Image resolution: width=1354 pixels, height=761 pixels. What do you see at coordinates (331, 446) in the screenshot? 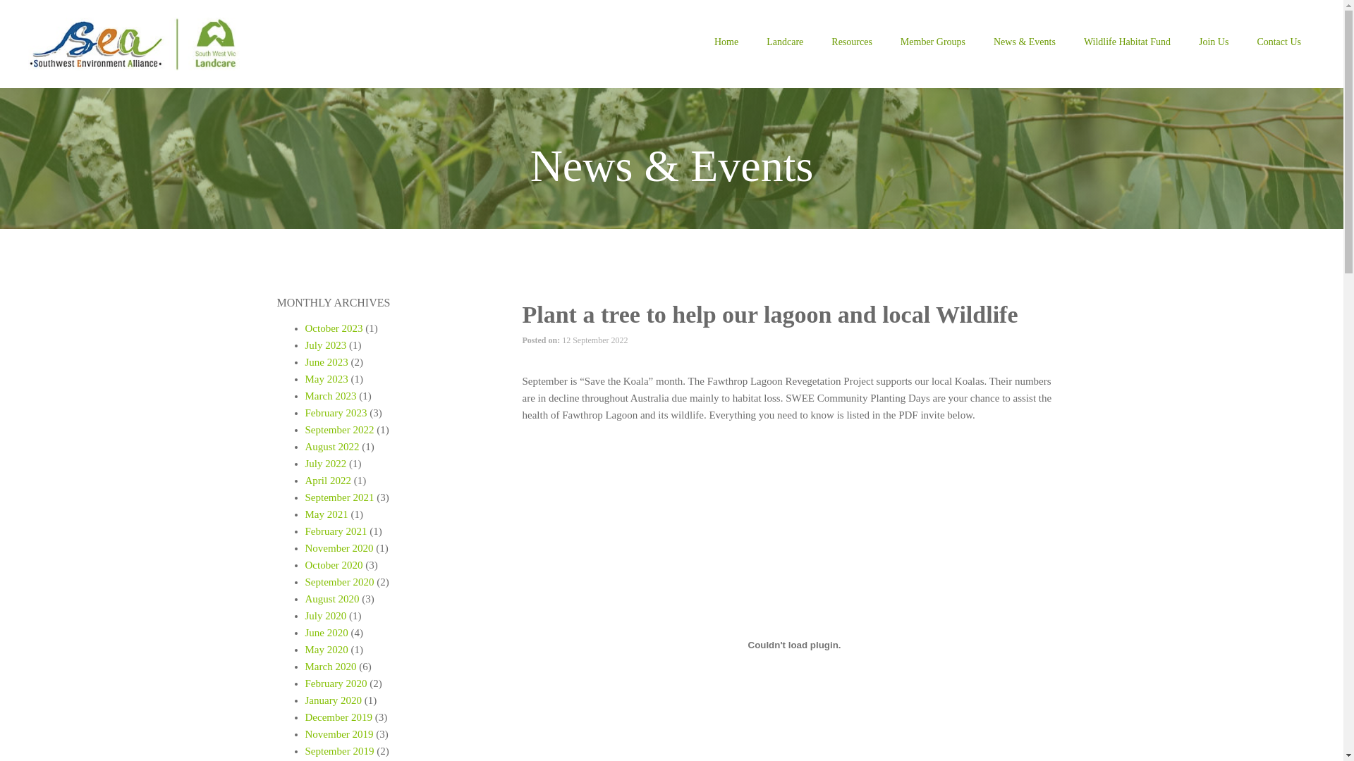
I see `'August 2022'` at bounding box center [331, 446].